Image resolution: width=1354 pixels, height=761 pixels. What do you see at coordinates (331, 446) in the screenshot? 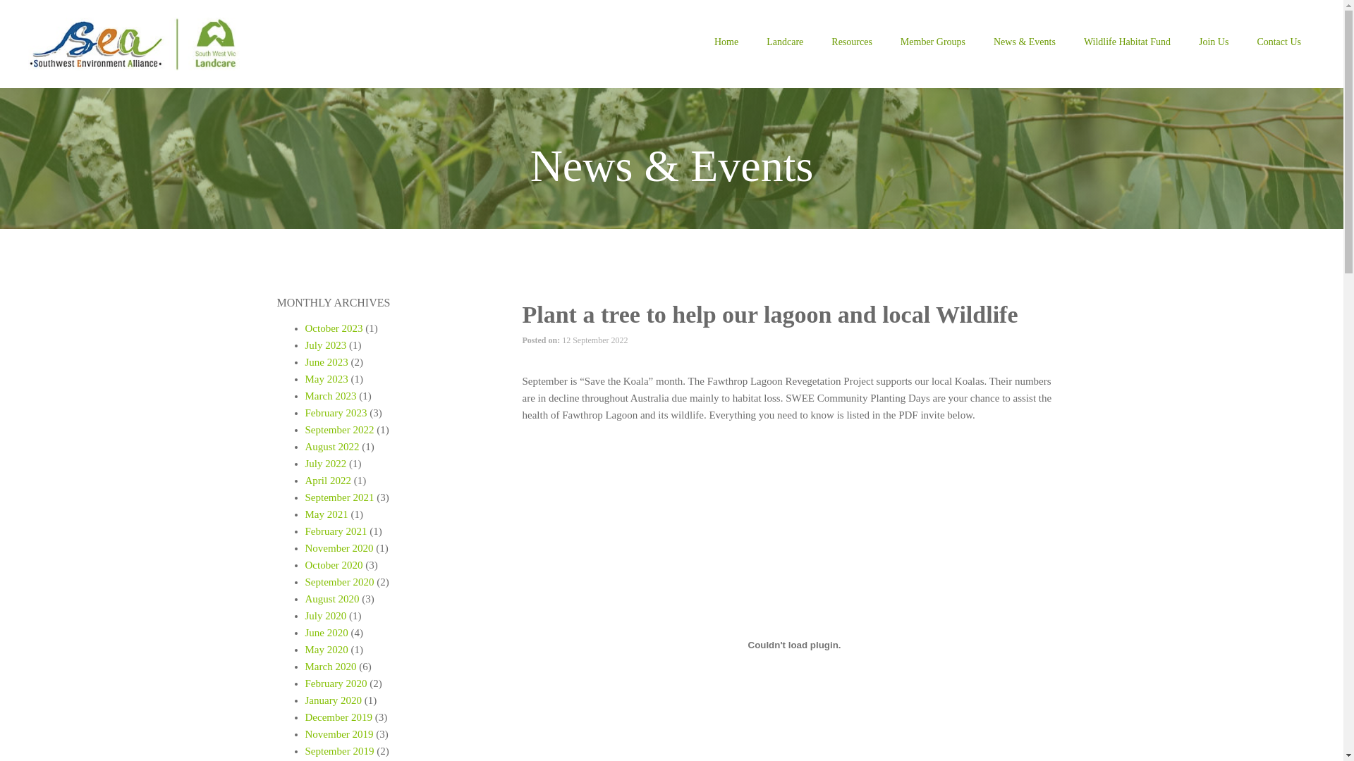
I see `'August 2022'` at bounding box center [331, 446].